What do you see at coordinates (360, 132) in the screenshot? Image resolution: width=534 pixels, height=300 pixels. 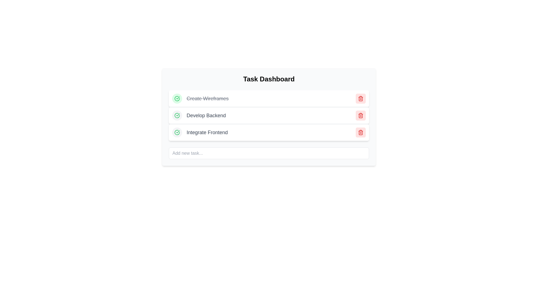 I see `the red trash icon button located in the rightmost side of the third row of the task list, adjacent to the text 'Integrate Frontend', to trigger hover effects` at bounding box center [360, 132].